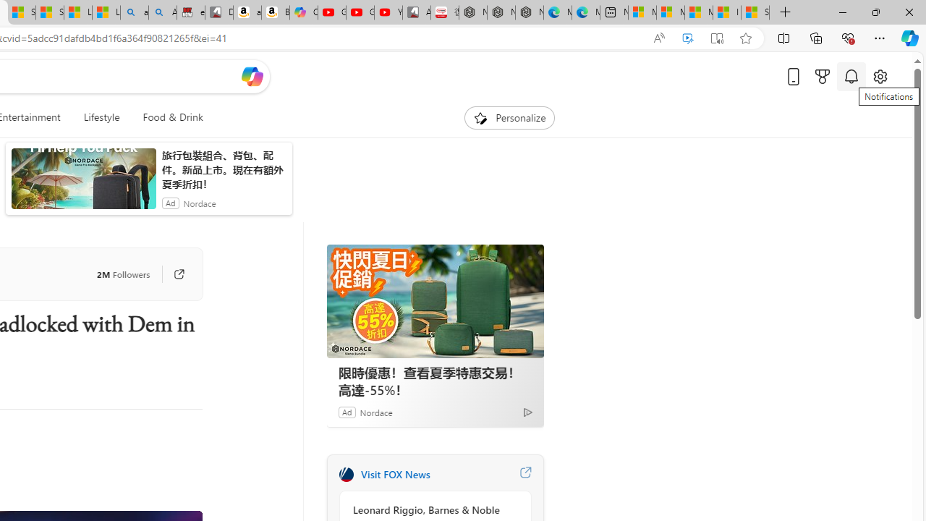 The height and width of the screenshot is (521, 926). I want to click on 'Ad', so click(346, 412).